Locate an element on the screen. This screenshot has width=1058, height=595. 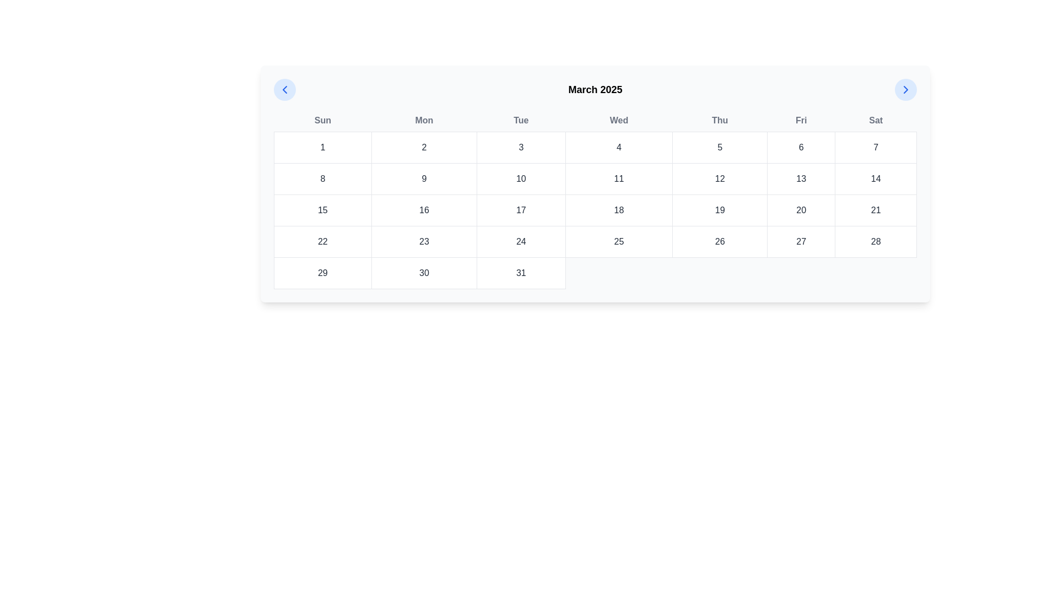
the leftward chevron icon in the navigation group located to the left of the calendar heading to trigger the hover state effect is located at coordinates (285, 89).